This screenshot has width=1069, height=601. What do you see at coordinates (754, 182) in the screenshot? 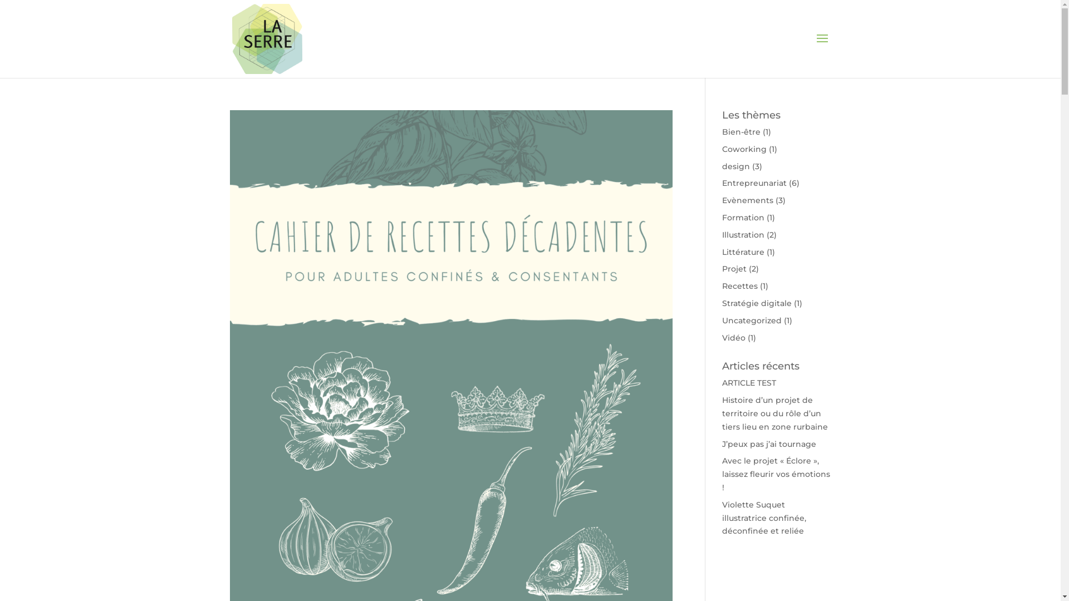
I see `'Entrepreunariat'` at bounding box center [754, 182].